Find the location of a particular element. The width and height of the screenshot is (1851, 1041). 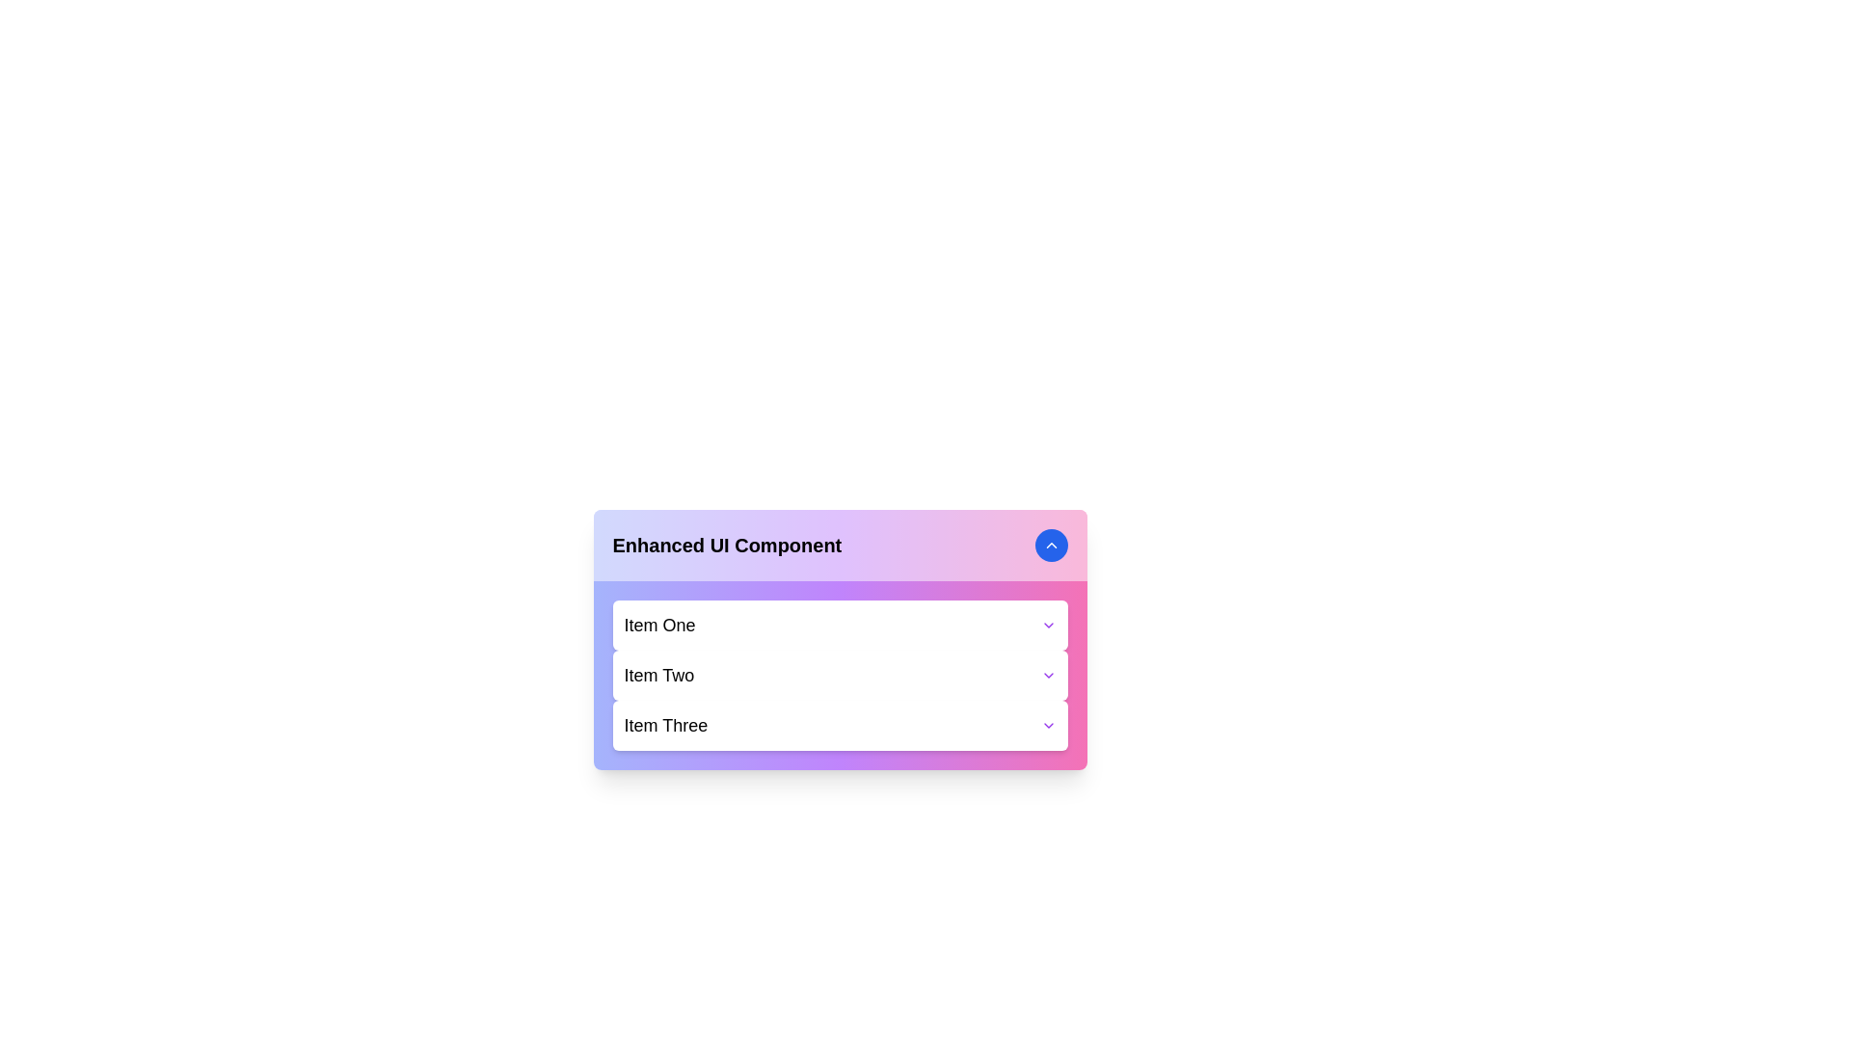

the 'Item Two' button, which is a rectangular button with rounded corners and a shadow effect, located inside the 'Enhanced UI Component' is located at coordinates (840, 675).